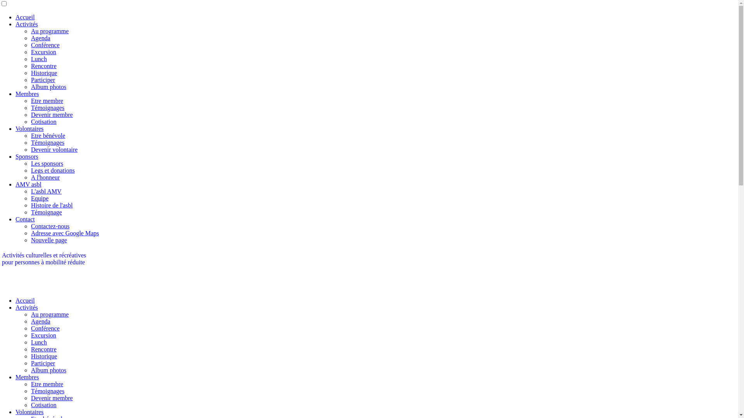  What do you see at coordinates (27, 156) in the screenshot?
I see `'Sponsors'` at bounding box center [27, 156].